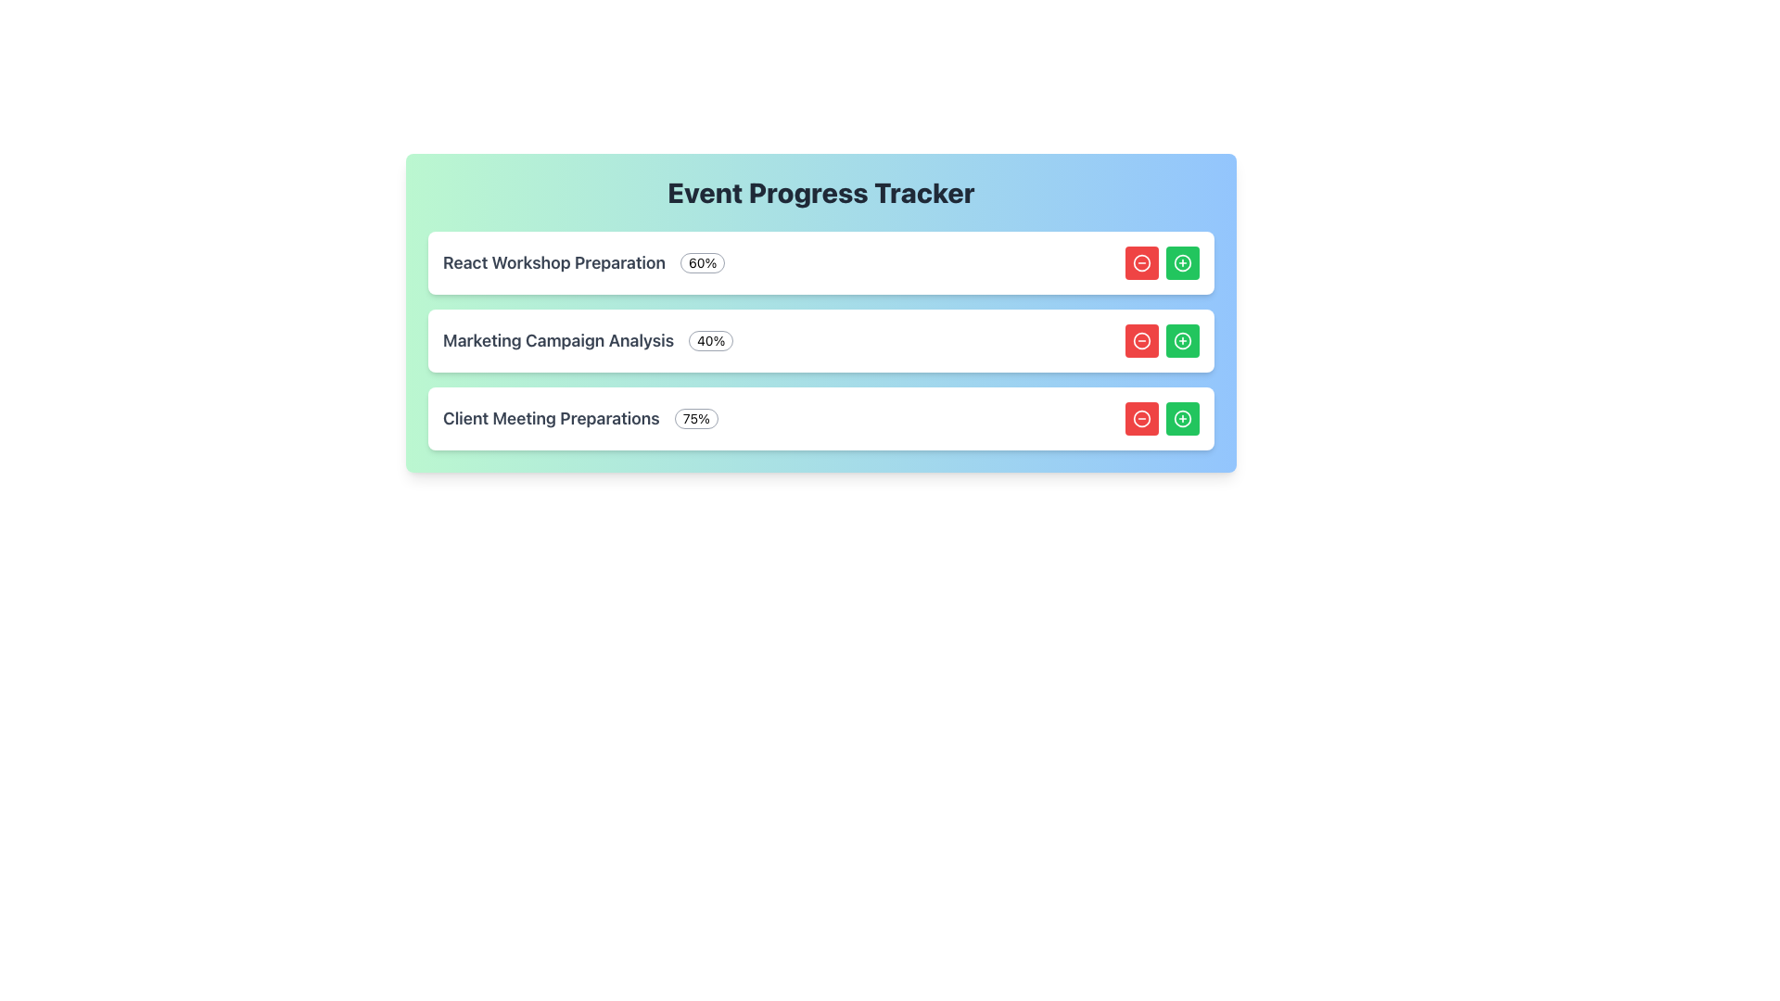 This screenshot has height=1001, width=1780. I want to click on the deletion icon component, which is part of a red circular button located in the top row of the vertical task management list, positioned centrally within the button and aligned to the right of the task entry row, so click(1141, 263).